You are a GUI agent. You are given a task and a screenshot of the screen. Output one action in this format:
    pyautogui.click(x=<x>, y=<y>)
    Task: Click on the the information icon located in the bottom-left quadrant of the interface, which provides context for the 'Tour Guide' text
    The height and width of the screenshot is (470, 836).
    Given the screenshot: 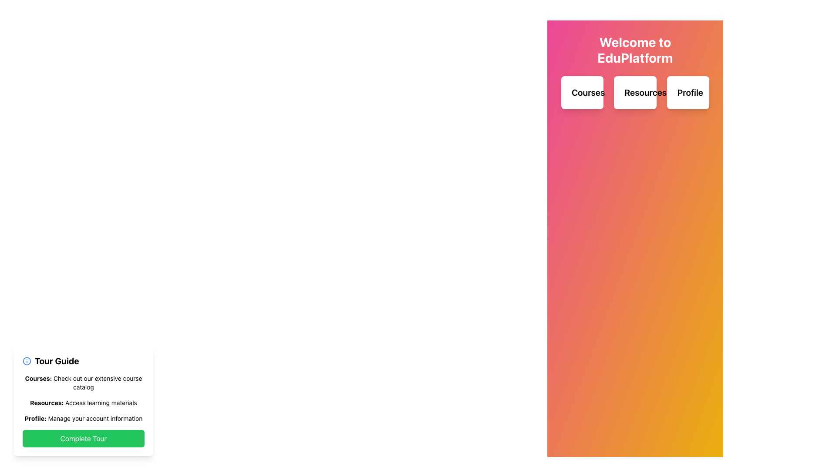 What is the action you would take?
    pyautogui.click(x=27, y=361)
    